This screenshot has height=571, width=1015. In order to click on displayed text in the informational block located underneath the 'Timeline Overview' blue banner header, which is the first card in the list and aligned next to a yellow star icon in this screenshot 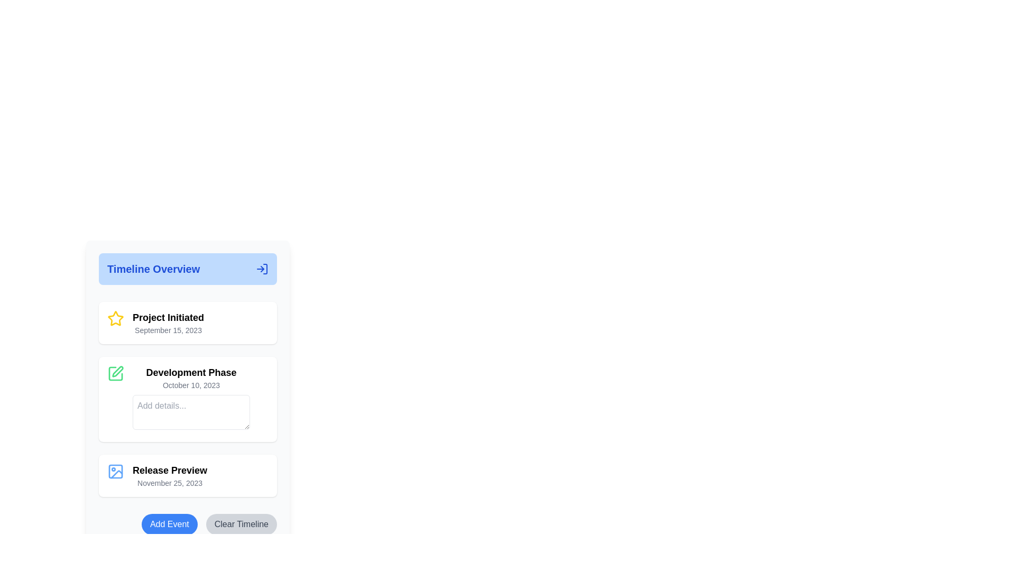, I will do `click(168, 322)`.